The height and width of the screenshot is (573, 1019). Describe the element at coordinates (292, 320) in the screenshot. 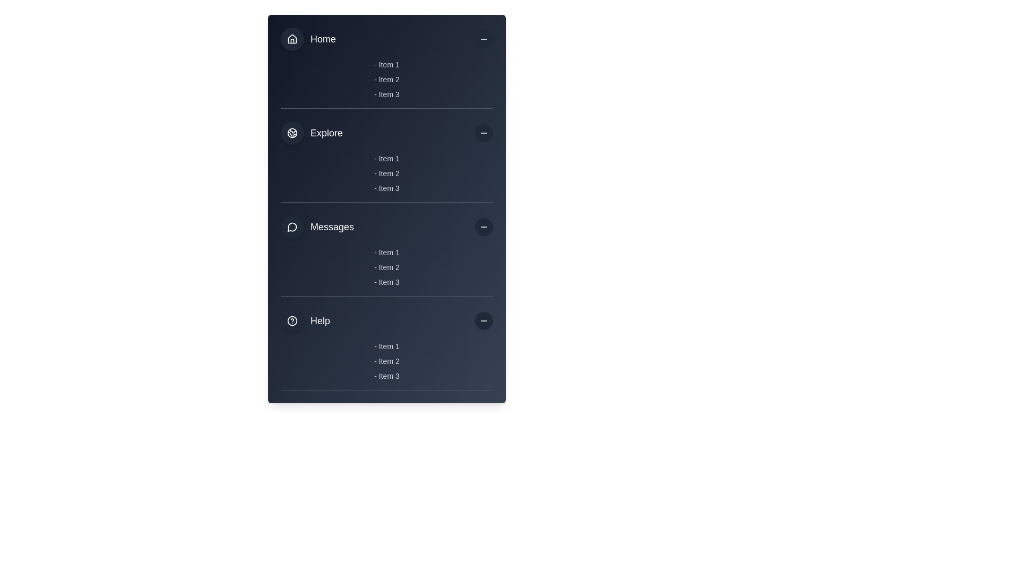

I see `the circular decorative icon with a dark-gray background and a white border, which features a help symbol, located before the 'Help' text label` at that location.